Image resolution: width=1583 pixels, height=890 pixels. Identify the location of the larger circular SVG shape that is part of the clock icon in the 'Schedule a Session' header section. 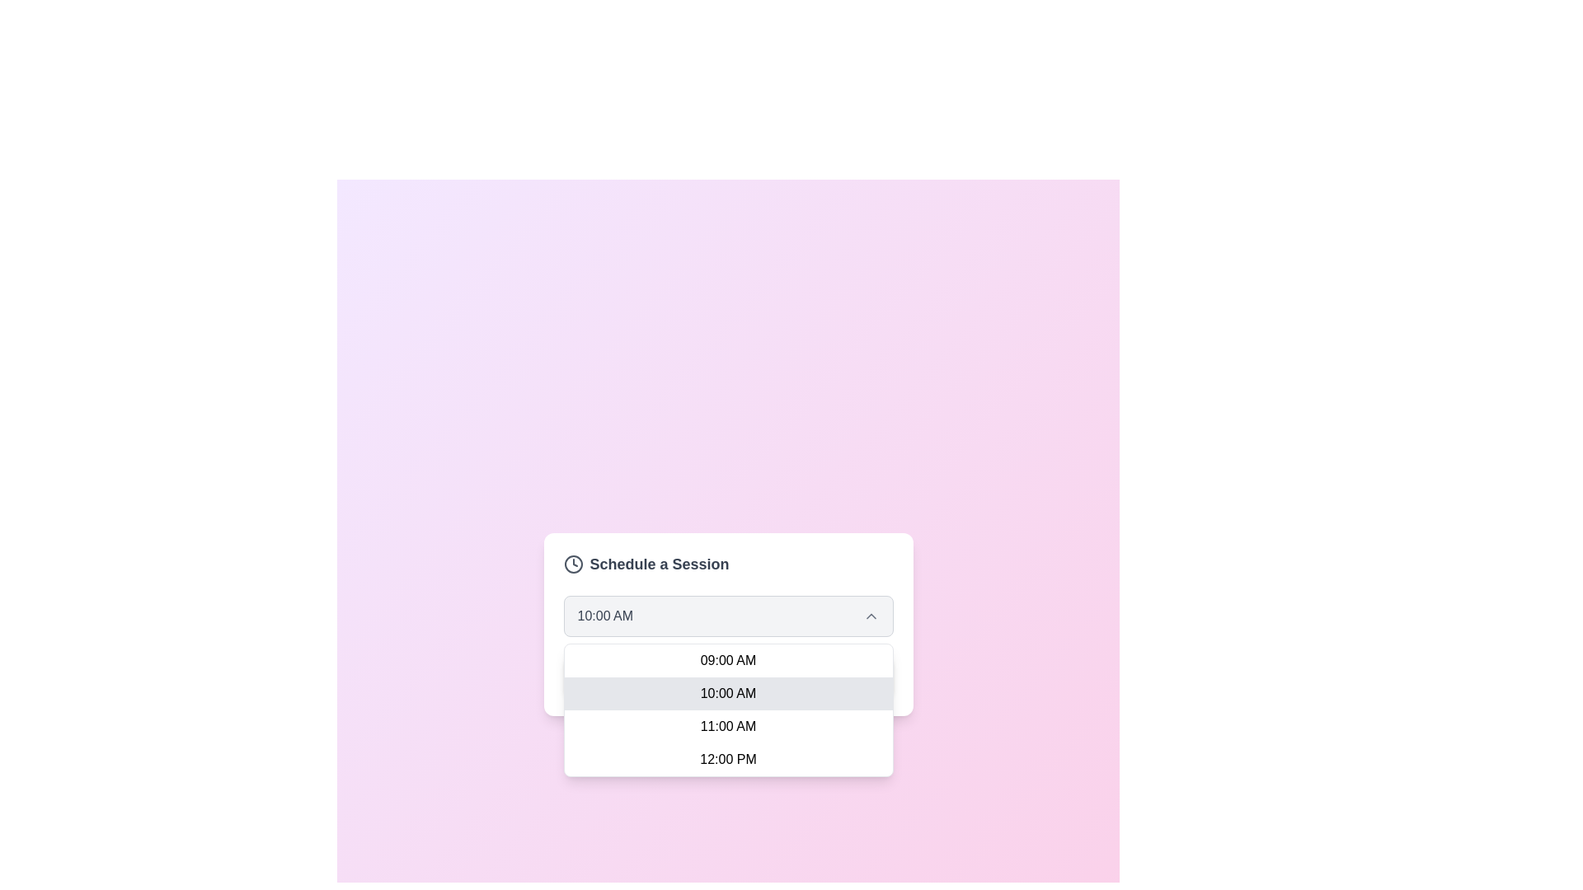
(573, 564).